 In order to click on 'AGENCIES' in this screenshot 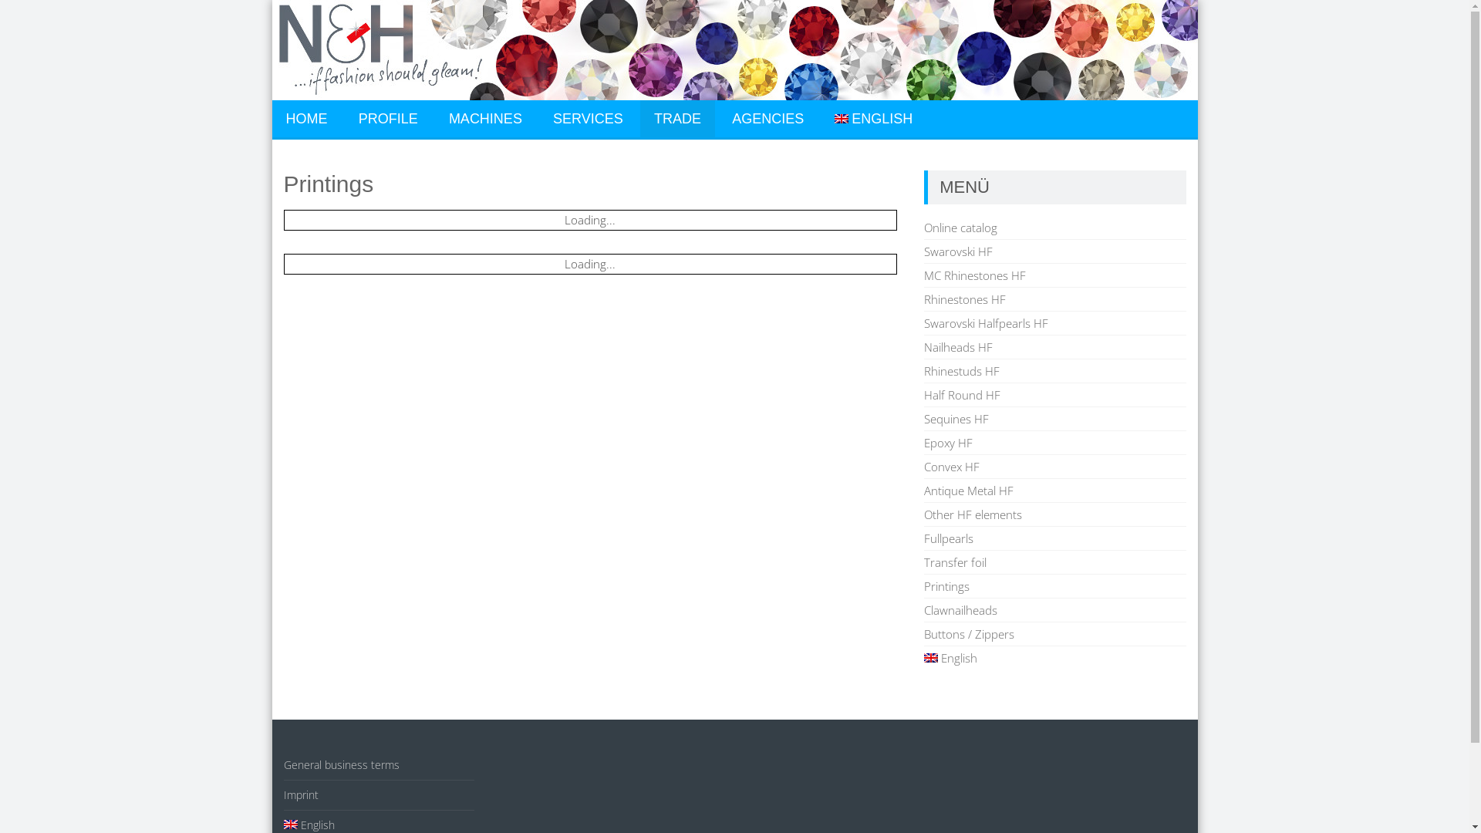, I will do `click(767, 118)`.